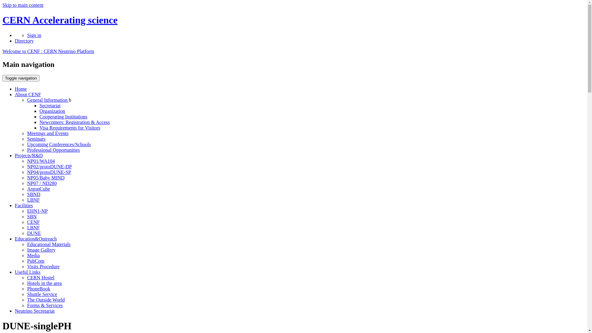 The image size is (592, 333). I want to click on 'Visits Procedure', so click(43, 266).